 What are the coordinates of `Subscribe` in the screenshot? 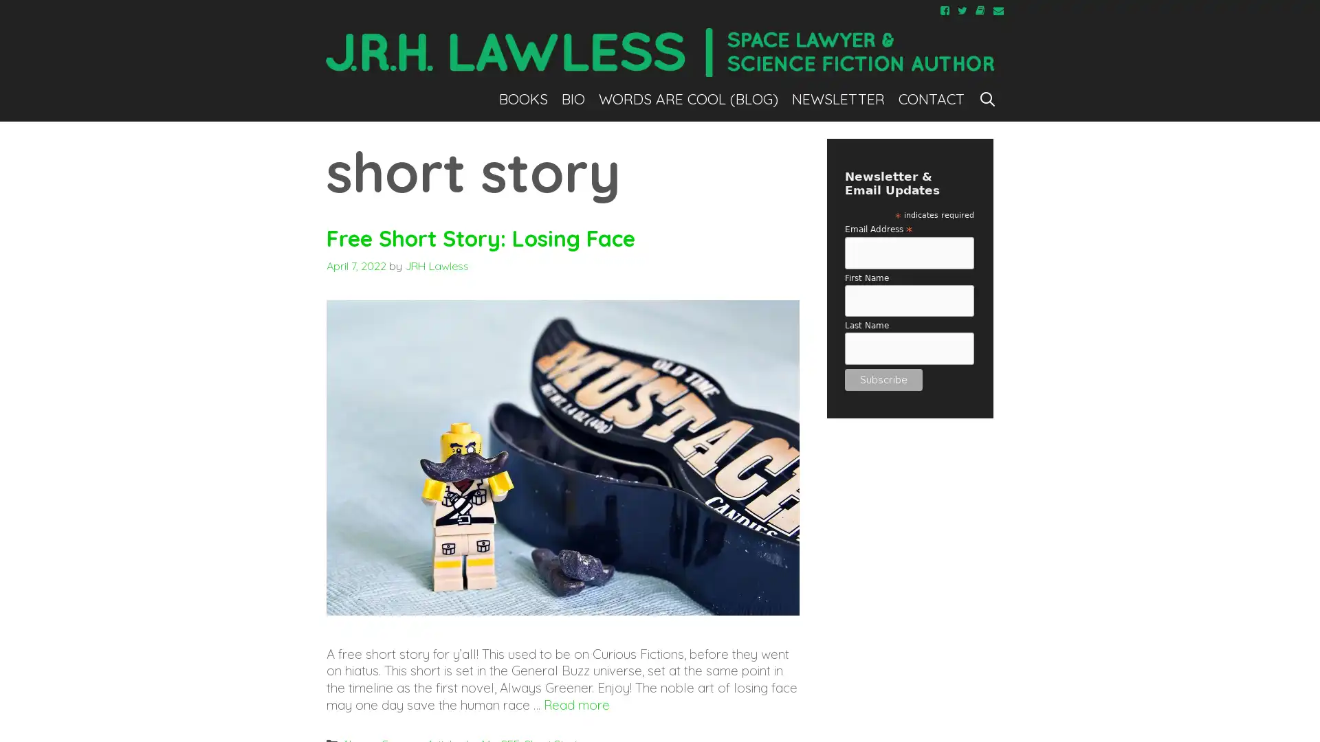 It's located at (883, 379).